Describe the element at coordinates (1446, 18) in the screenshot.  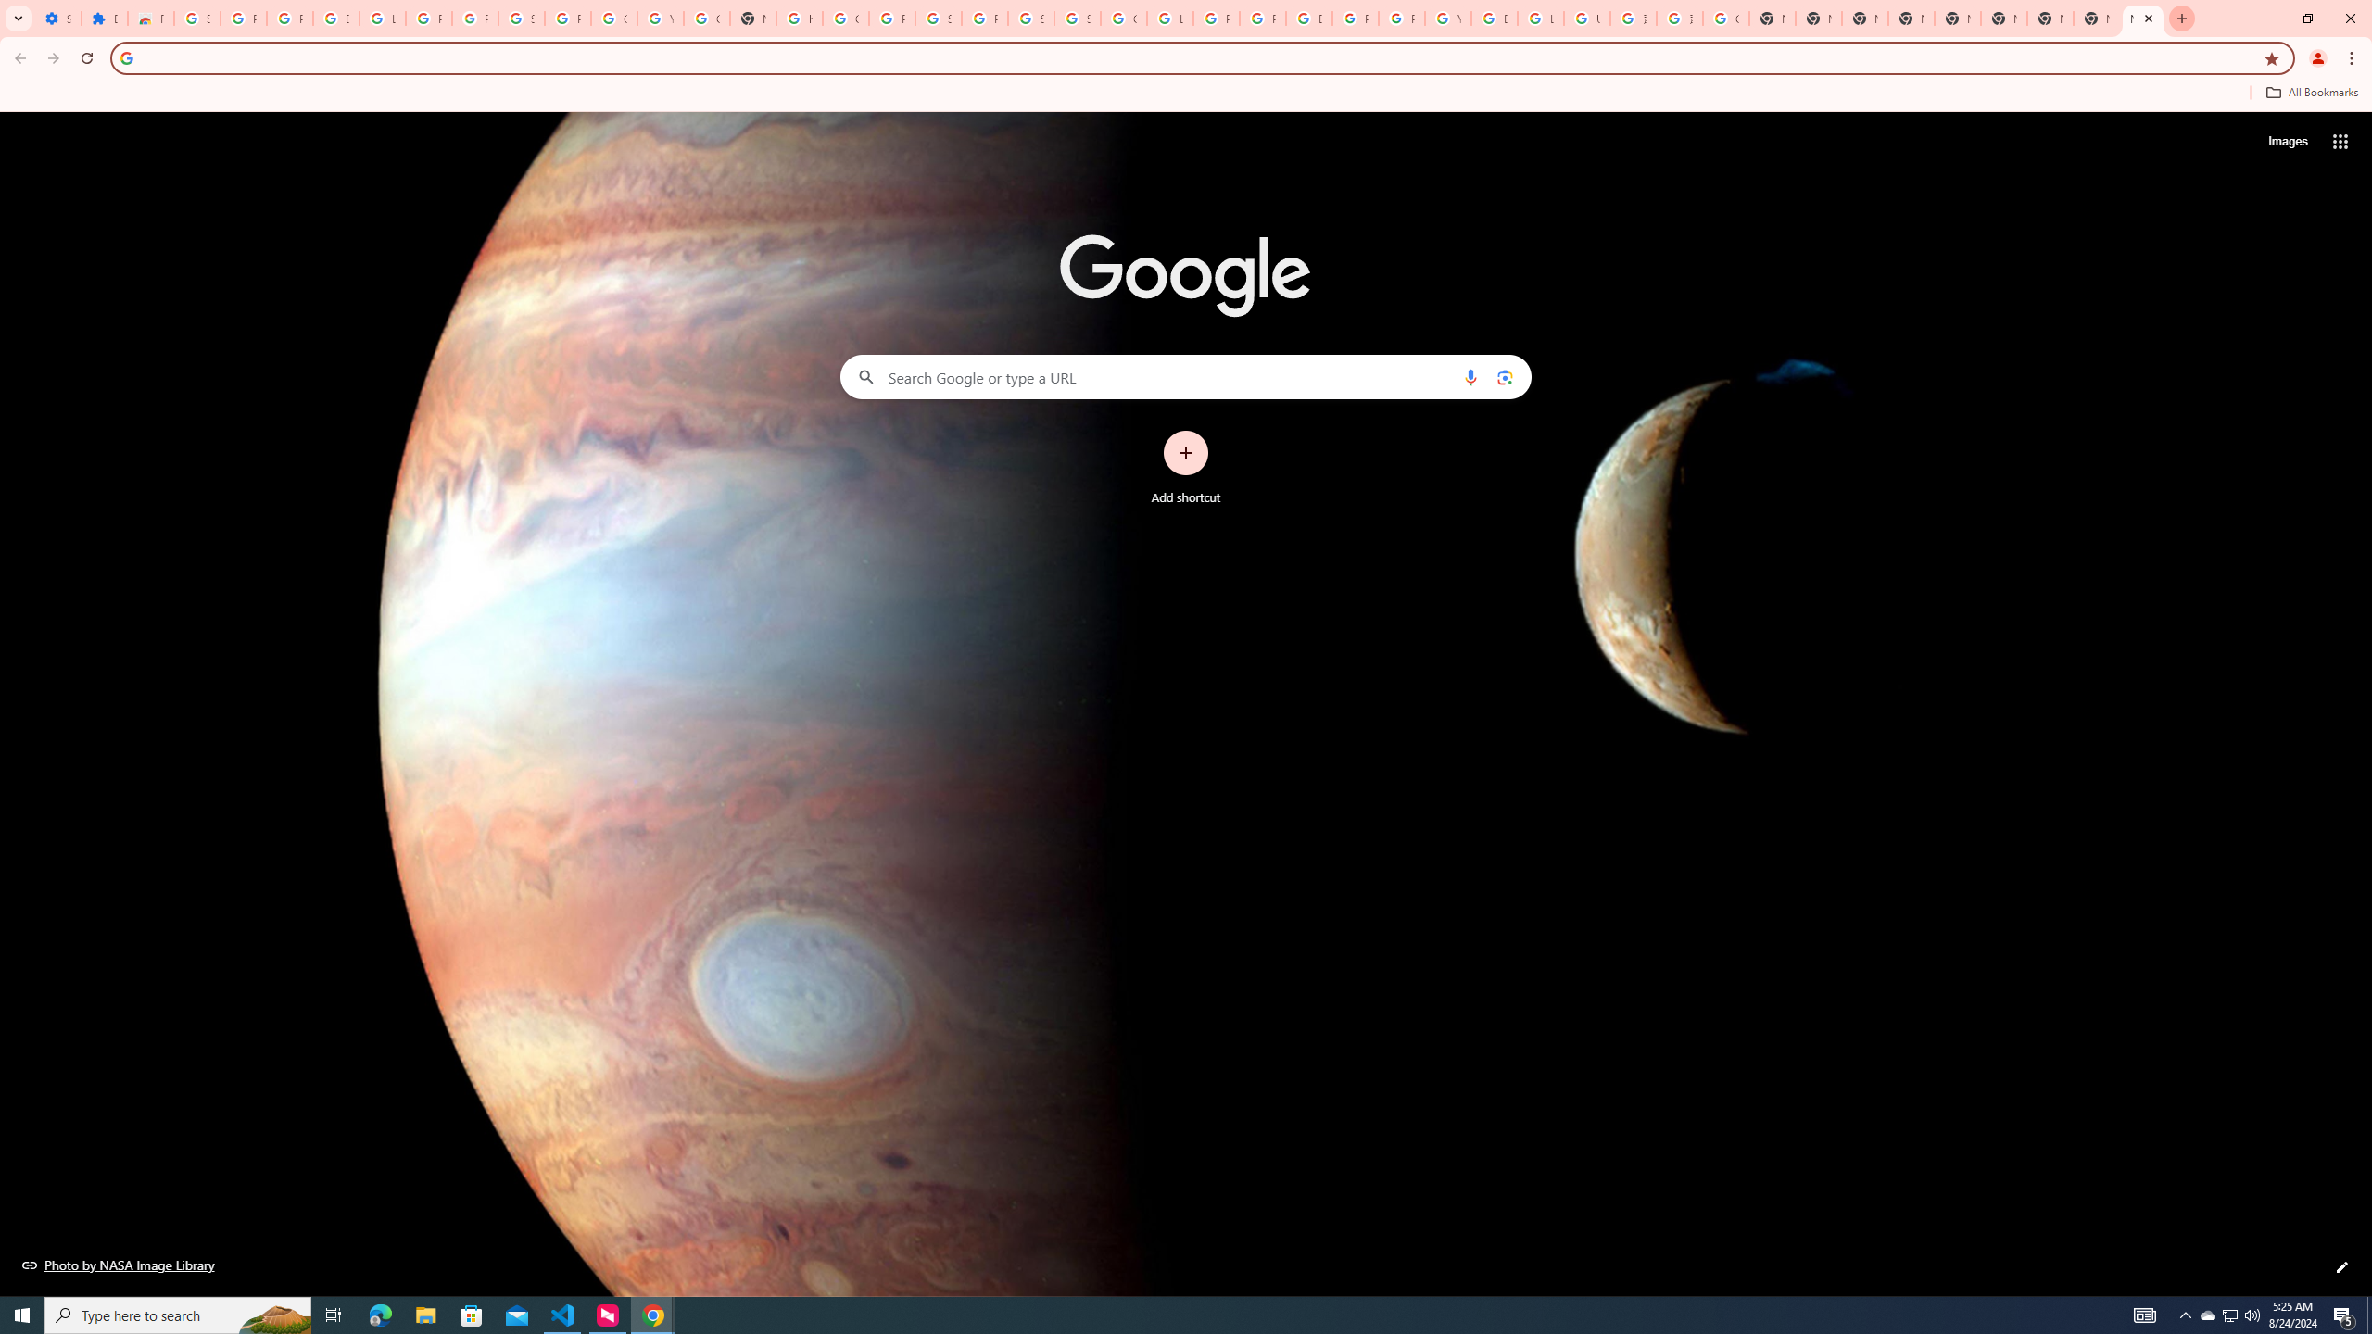
I see `'YouTube'` at that location.